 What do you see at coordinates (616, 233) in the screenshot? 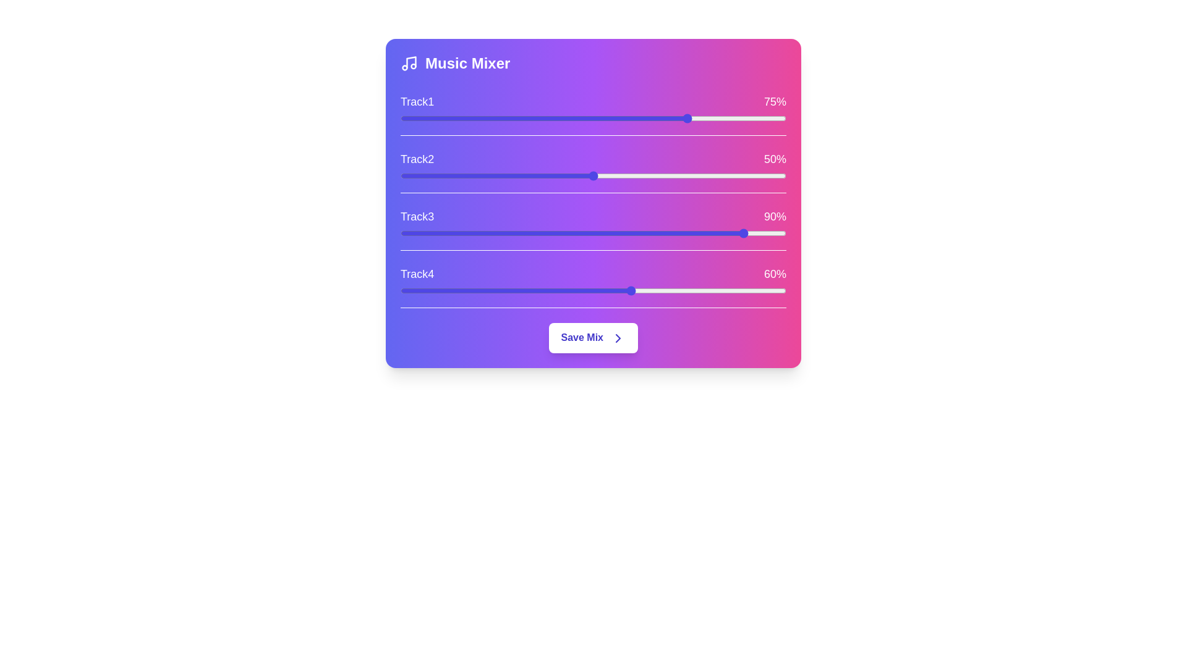
I see `the slider for Track3 to set its level to 56` at bounding box center [616, 233].